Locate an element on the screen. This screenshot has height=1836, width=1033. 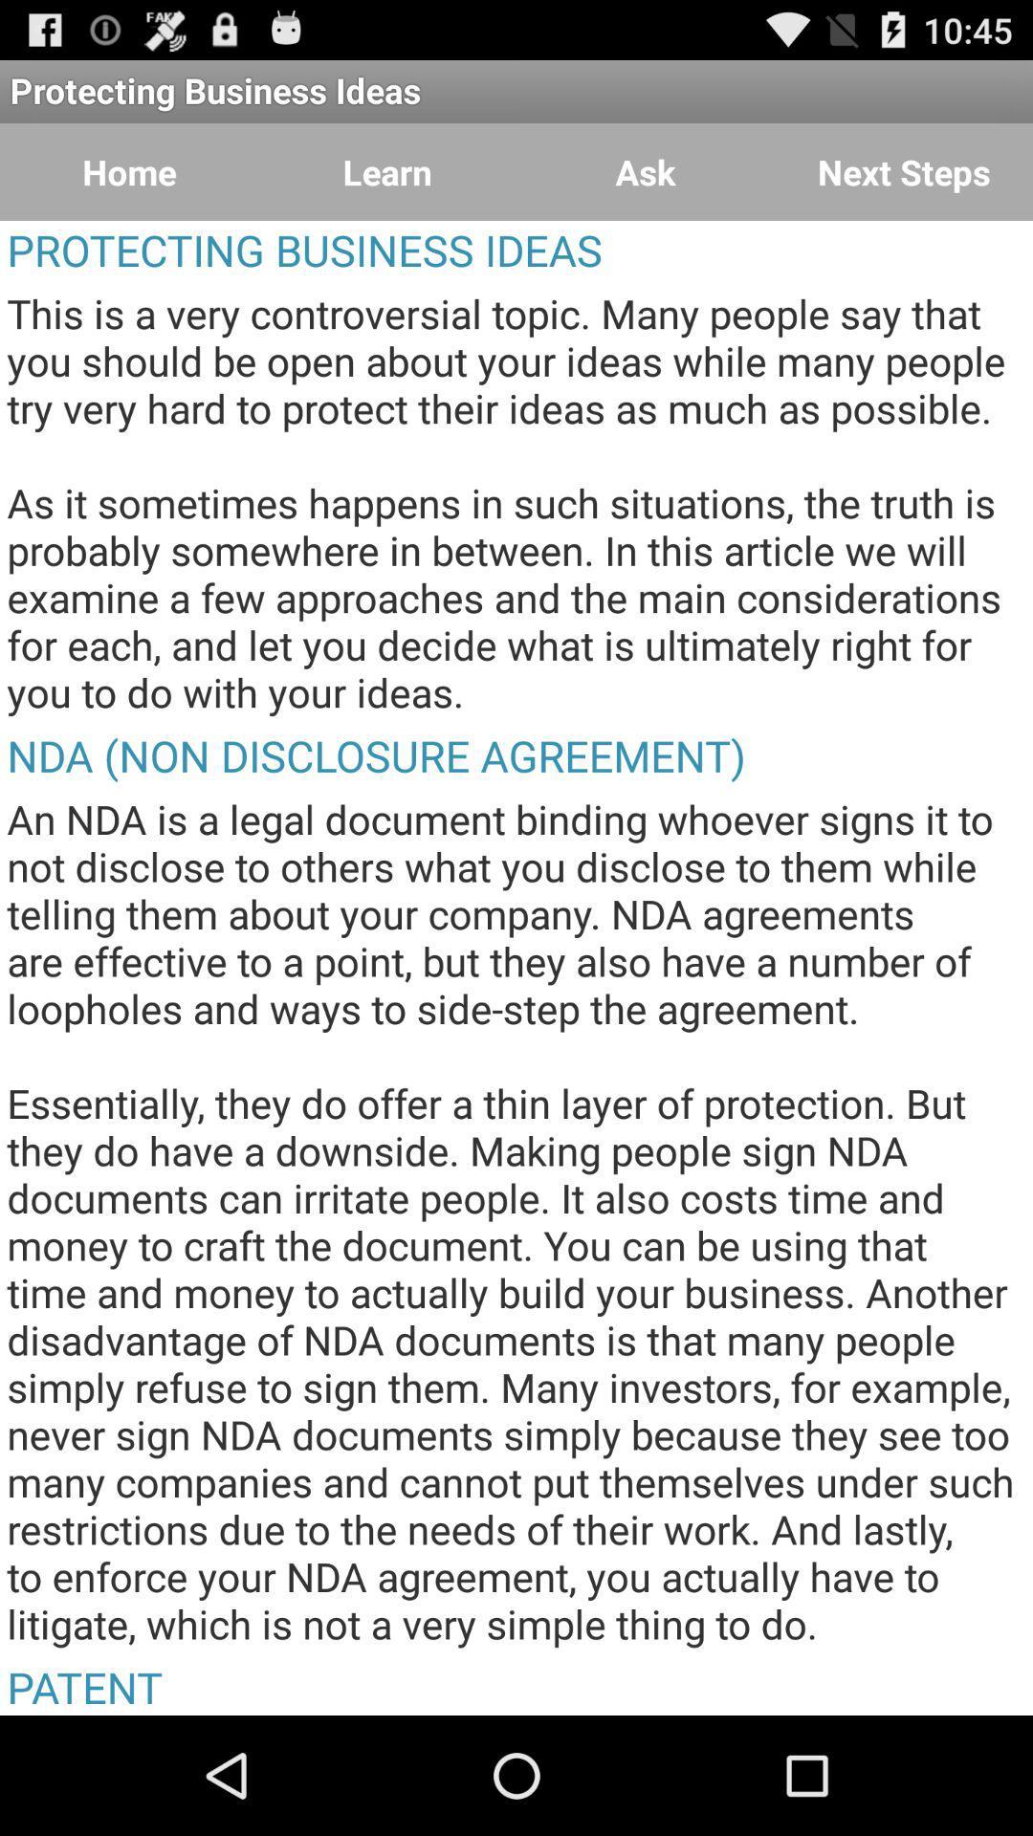
the next steps at the top right corner is located at coordinates (904, 172).